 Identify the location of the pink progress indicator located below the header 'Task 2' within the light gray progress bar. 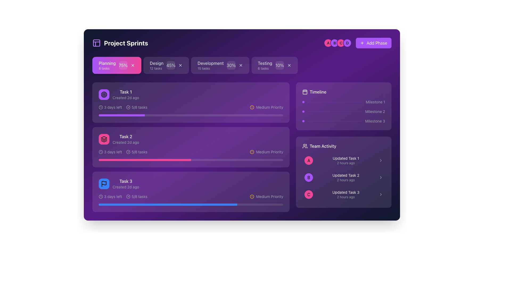
(145, 159).